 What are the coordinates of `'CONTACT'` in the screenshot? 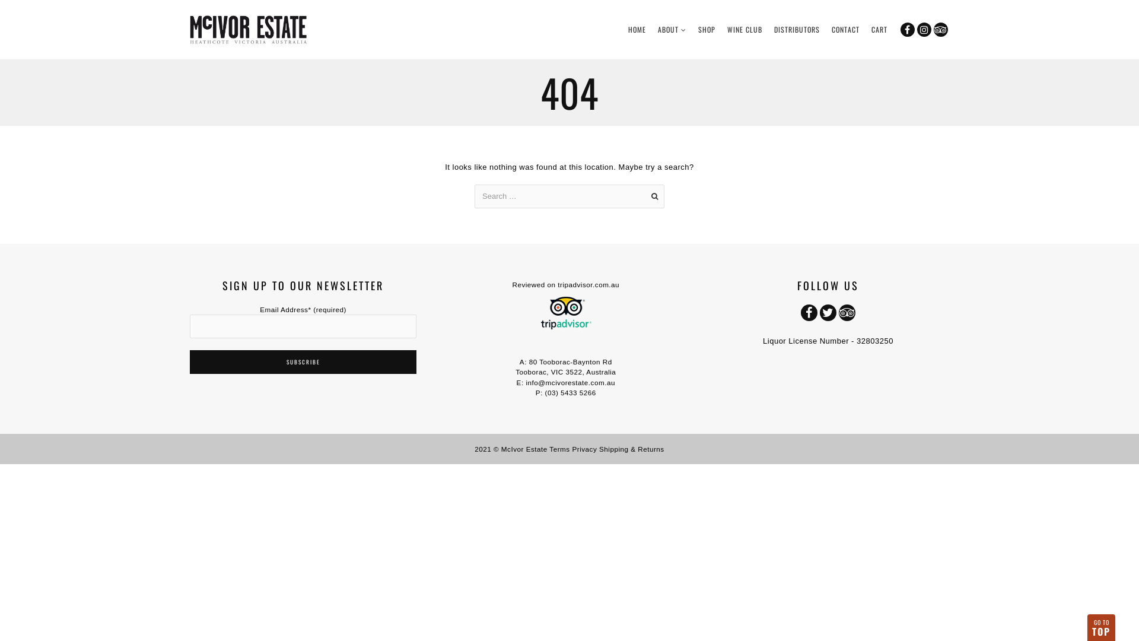 It's located at (845, 29).